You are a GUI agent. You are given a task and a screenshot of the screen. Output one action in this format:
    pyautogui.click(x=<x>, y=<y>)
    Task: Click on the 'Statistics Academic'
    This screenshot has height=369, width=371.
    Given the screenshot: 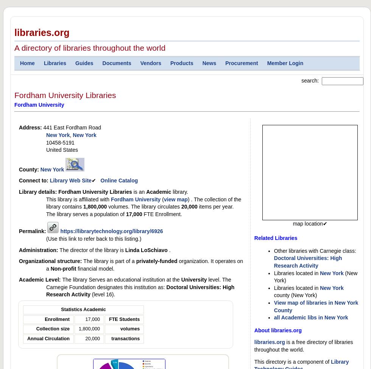 What is the action you would take?
    pyautogui.click(x=83, y=310)
    